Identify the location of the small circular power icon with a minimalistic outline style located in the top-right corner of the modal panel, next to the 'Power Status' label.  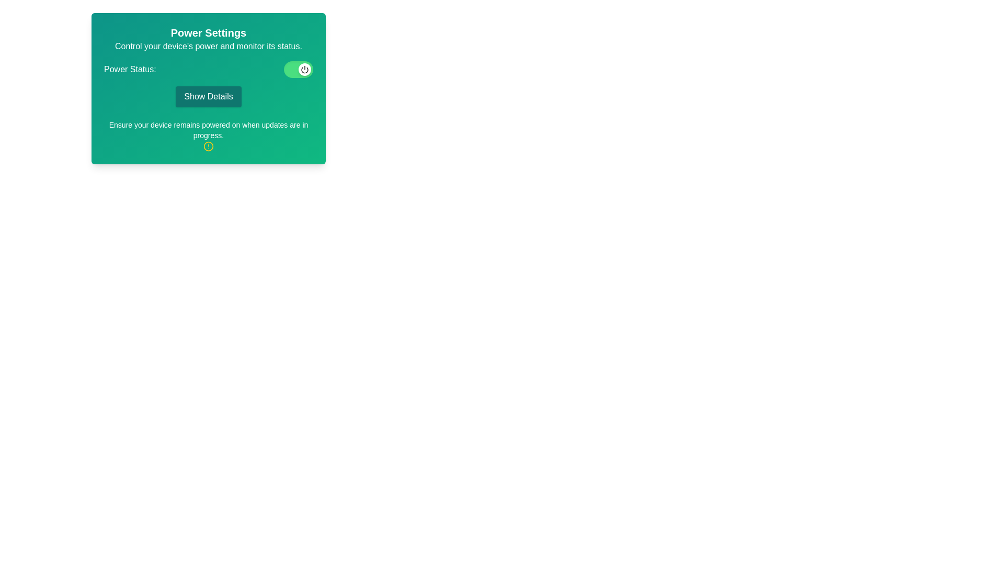
(304, 69).